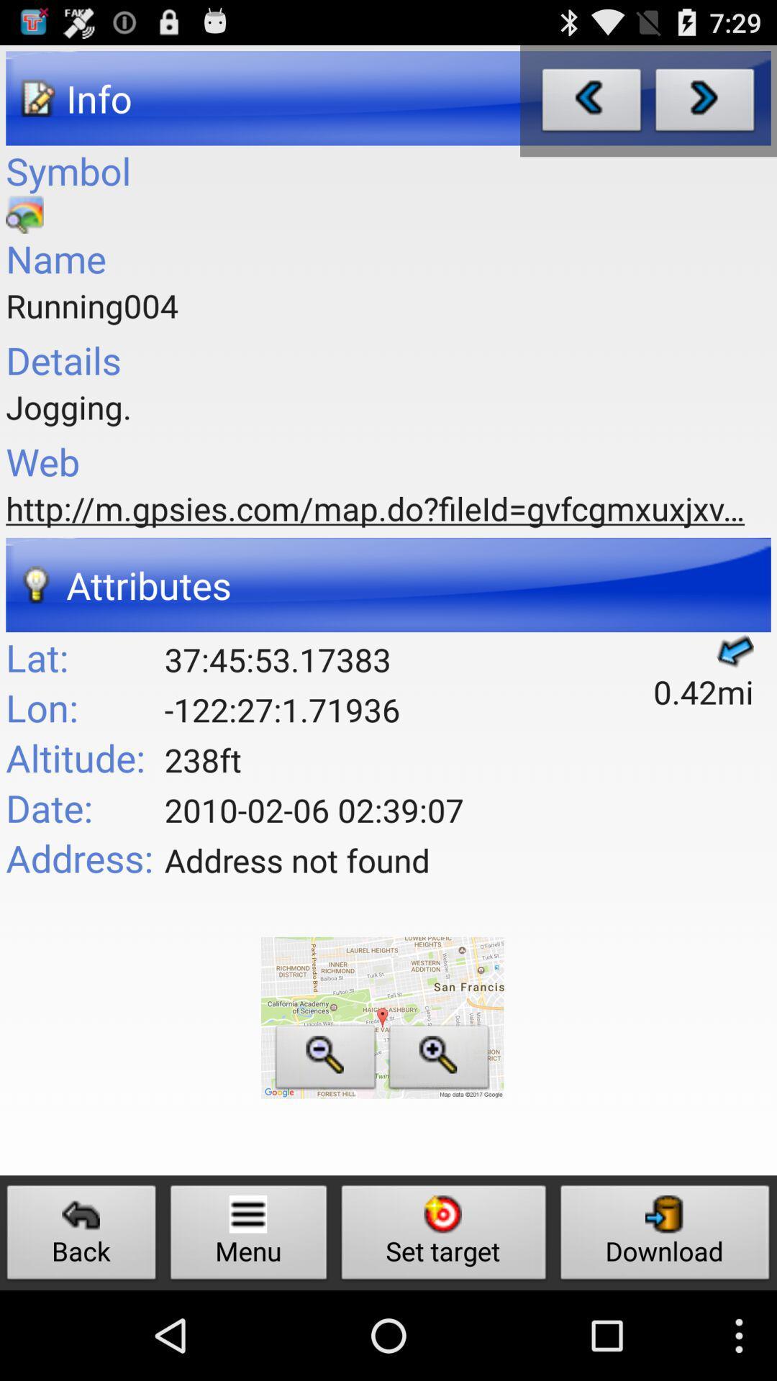 The width and height of the screenshot is (777, 1381). What do you see at coordinates (248, 1236) in the screenshot?
I see `menu button` at bounding box center [248, 1236].